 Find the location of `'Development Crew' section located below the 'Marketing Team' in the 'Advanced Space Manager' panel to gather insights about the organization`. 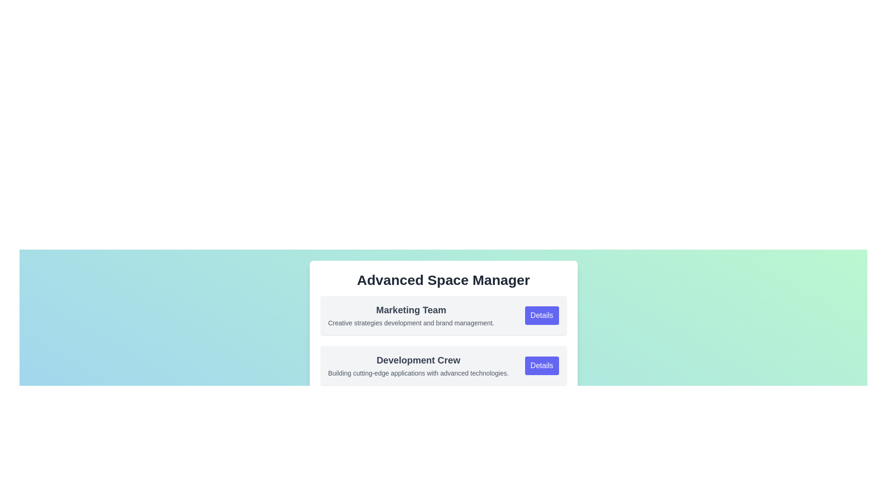

'Development Crew' section located below the 'Marketing Team' in the 'Advanced Space Manager' panel to gather insights about the organization is located at coordinates (443, 343).